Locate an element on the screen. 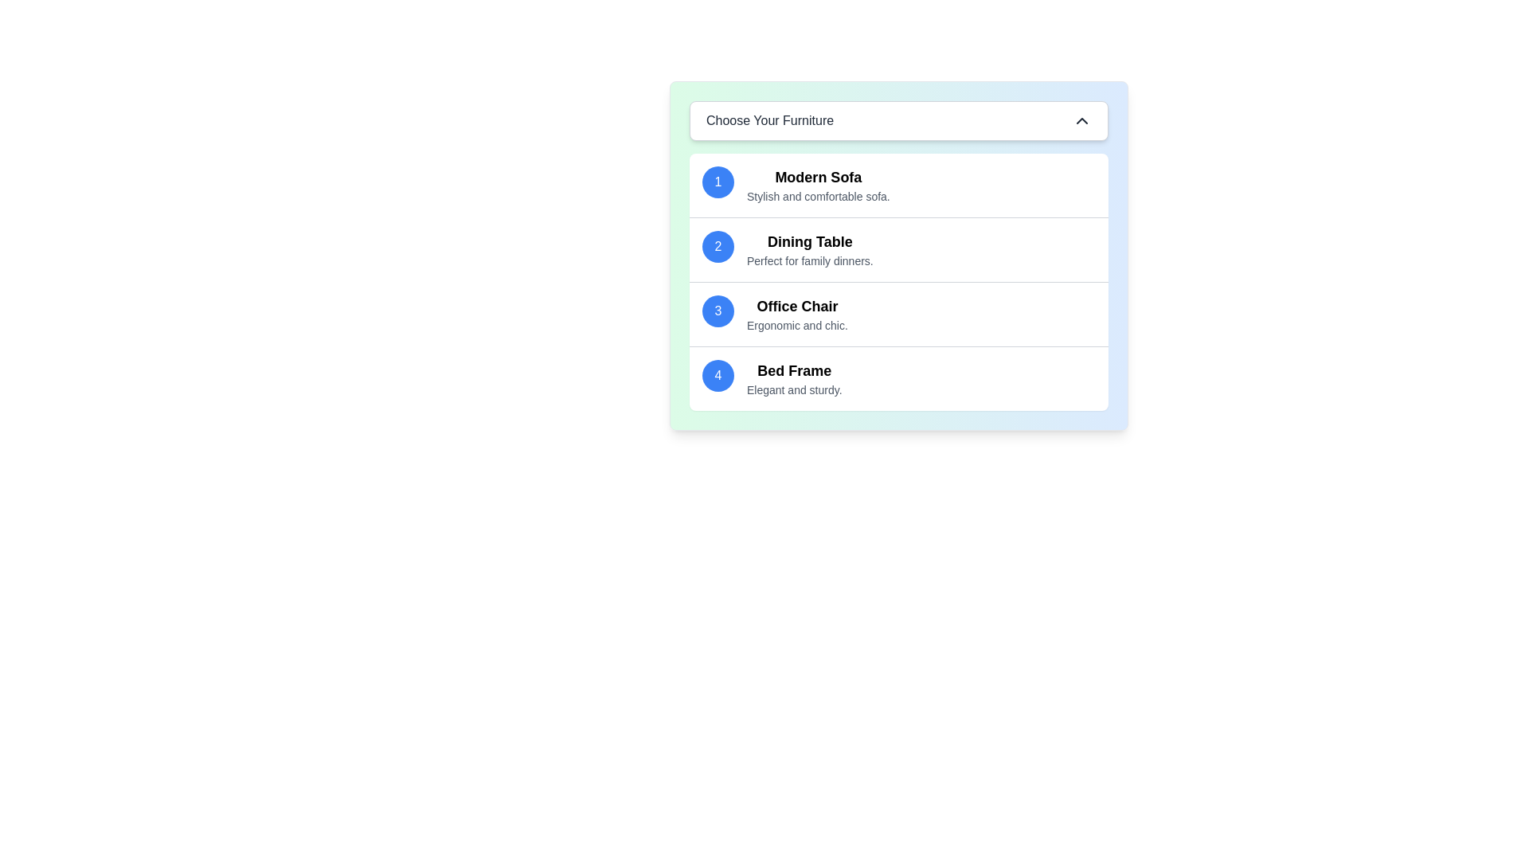 The height and width of the screenshot is (860, 1529). text content of the Text Label positioned directly below the title 'Dining Table' in the second item of the selectable furniture list is located at coordinates (810, 260).